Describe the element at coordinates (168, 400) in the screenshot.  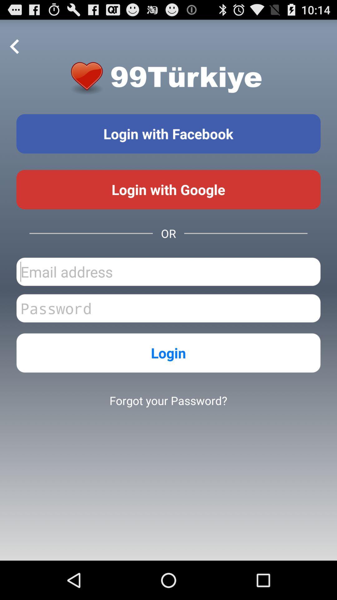
I see `the forgot your password?` at that location.